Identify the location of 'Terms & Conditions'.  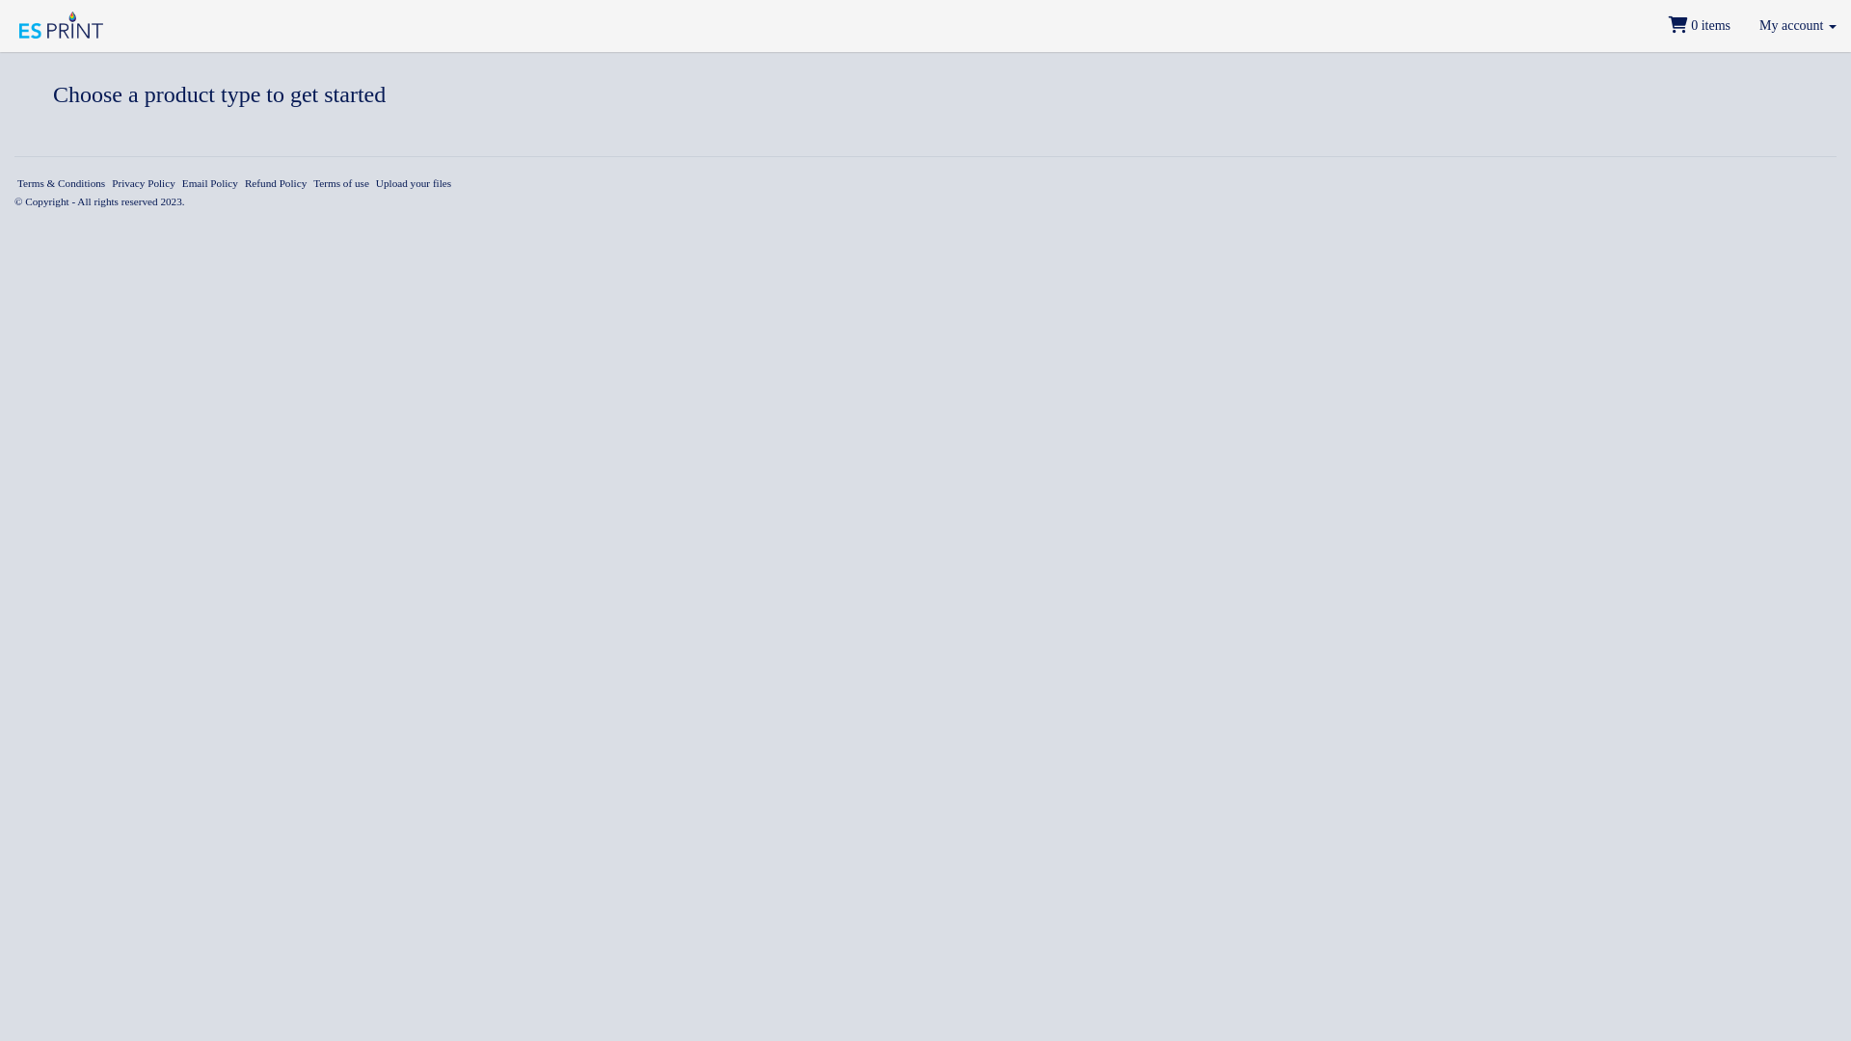
(61, 182).